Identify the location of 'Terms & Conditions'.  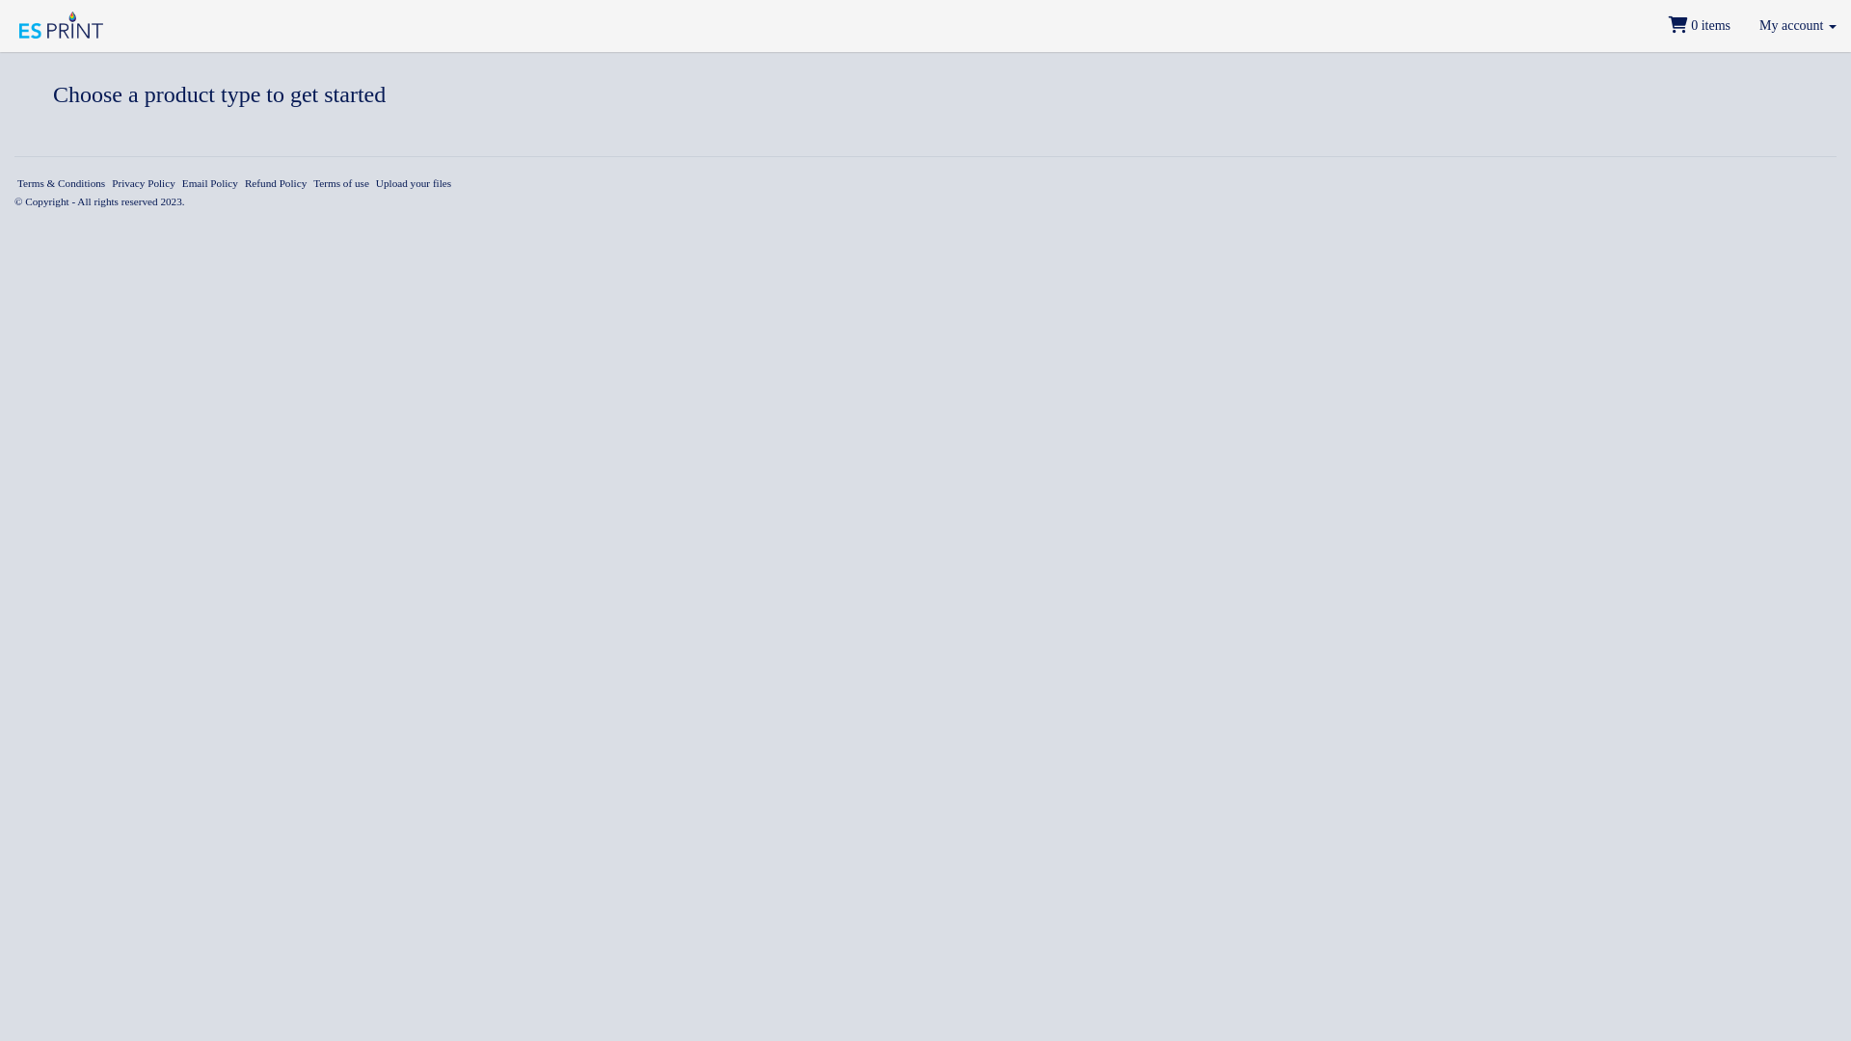
(61, 182).